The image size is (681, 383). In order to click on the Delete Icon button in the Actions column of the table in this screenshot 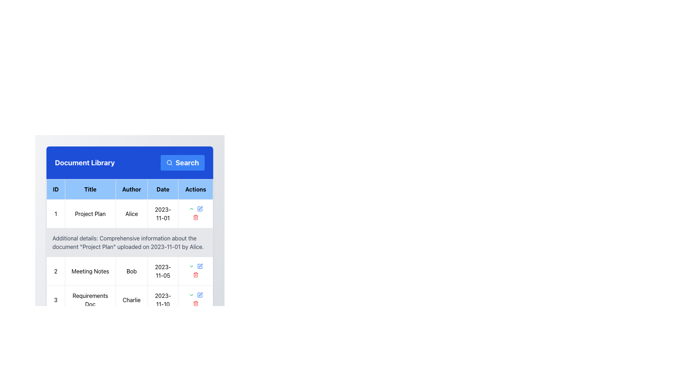, I will do `click(195, 303)`.